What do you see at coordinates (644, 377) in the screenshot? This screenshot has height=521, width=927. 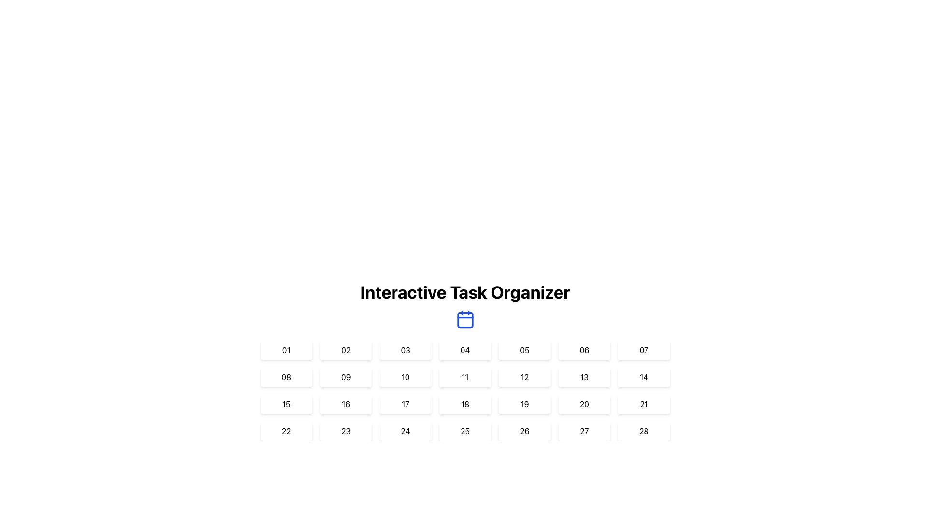 I see `the selectable day button in the calendar grid, which is the seventh element in the second row below the 'Interactive Task Organizer' title` at bounding box center [644, 377].